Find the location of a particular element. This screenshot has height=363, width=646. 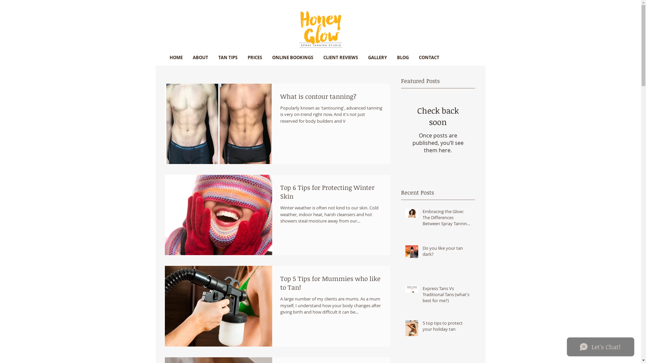

'BLOG' is located at coordinates (391, 57).